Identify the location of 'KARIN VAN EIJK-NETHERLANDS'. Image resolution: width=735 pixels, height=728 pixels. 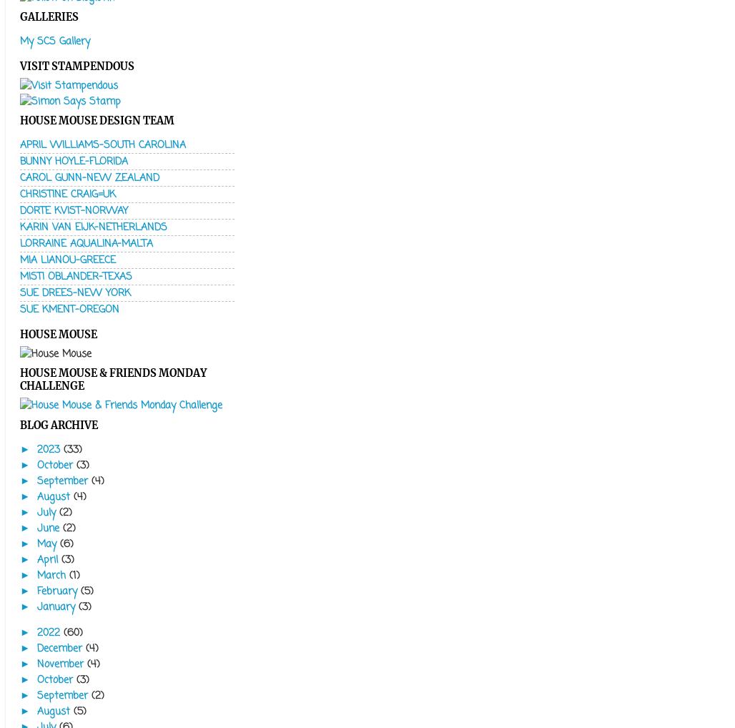
(93, 227).